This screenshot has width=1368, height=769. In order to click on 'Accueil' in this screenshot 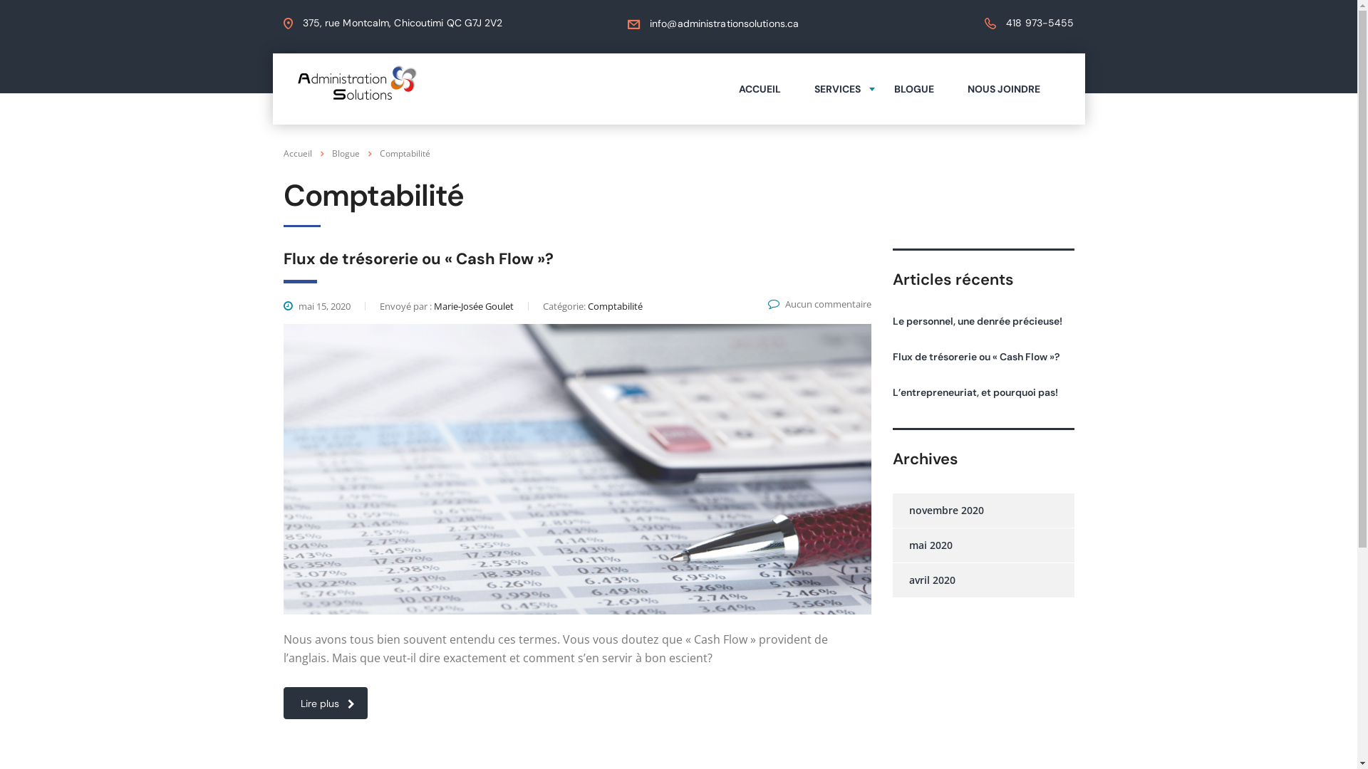, I will do `click(296, 153)`.